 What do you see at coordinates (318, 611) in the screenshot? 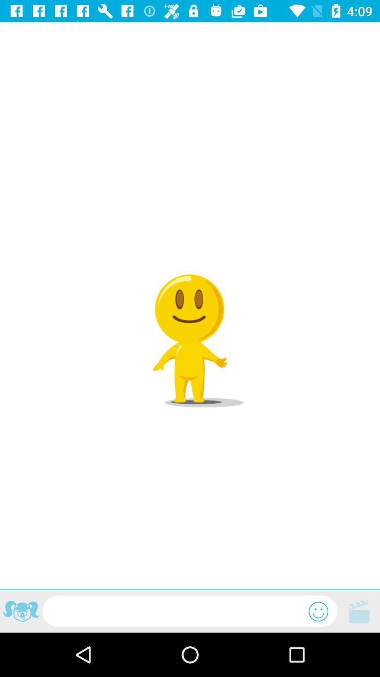
I see `the emoji icon` at bounding box center [318, 611].